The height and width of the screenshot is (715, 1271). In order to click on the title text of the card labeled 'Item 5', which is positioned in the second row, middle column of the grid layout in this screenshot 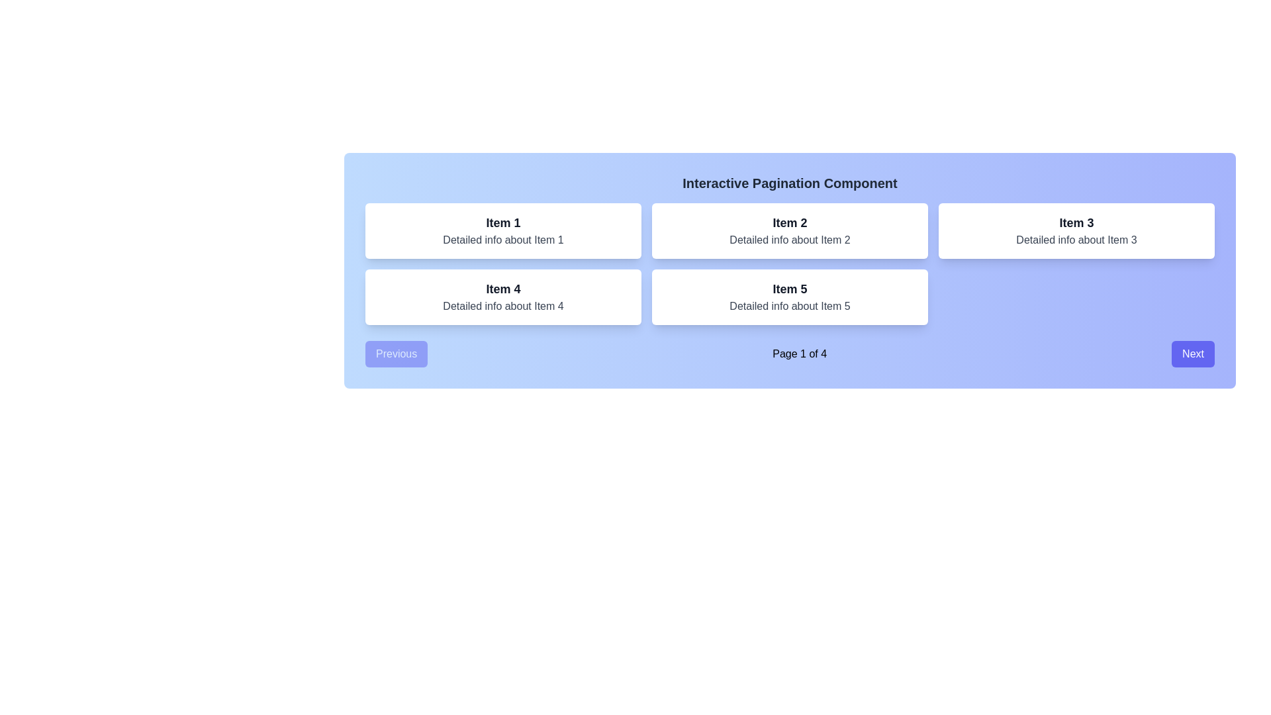, I will do `click(790, 288)`.